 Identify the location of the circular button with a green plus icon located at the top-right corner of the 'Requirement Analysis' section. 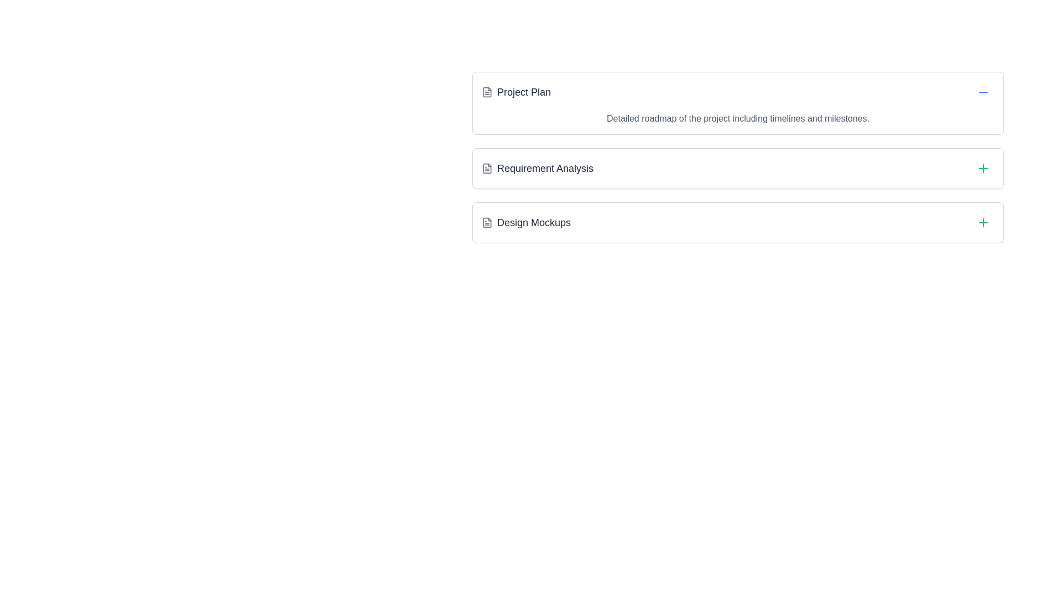
(983, 168).